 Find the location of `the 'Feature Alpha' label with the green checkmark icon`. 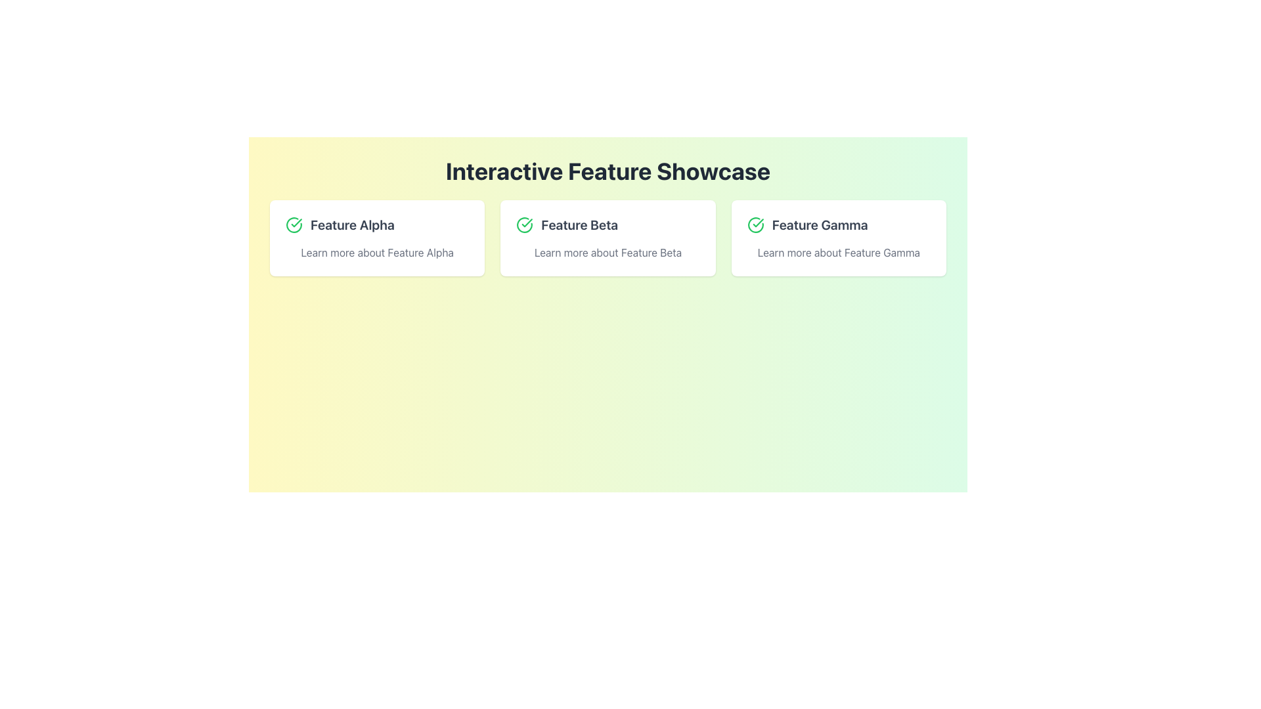

the 'Feature Alpha' label with the green checkmark icon is located at coordinates (376, 225).